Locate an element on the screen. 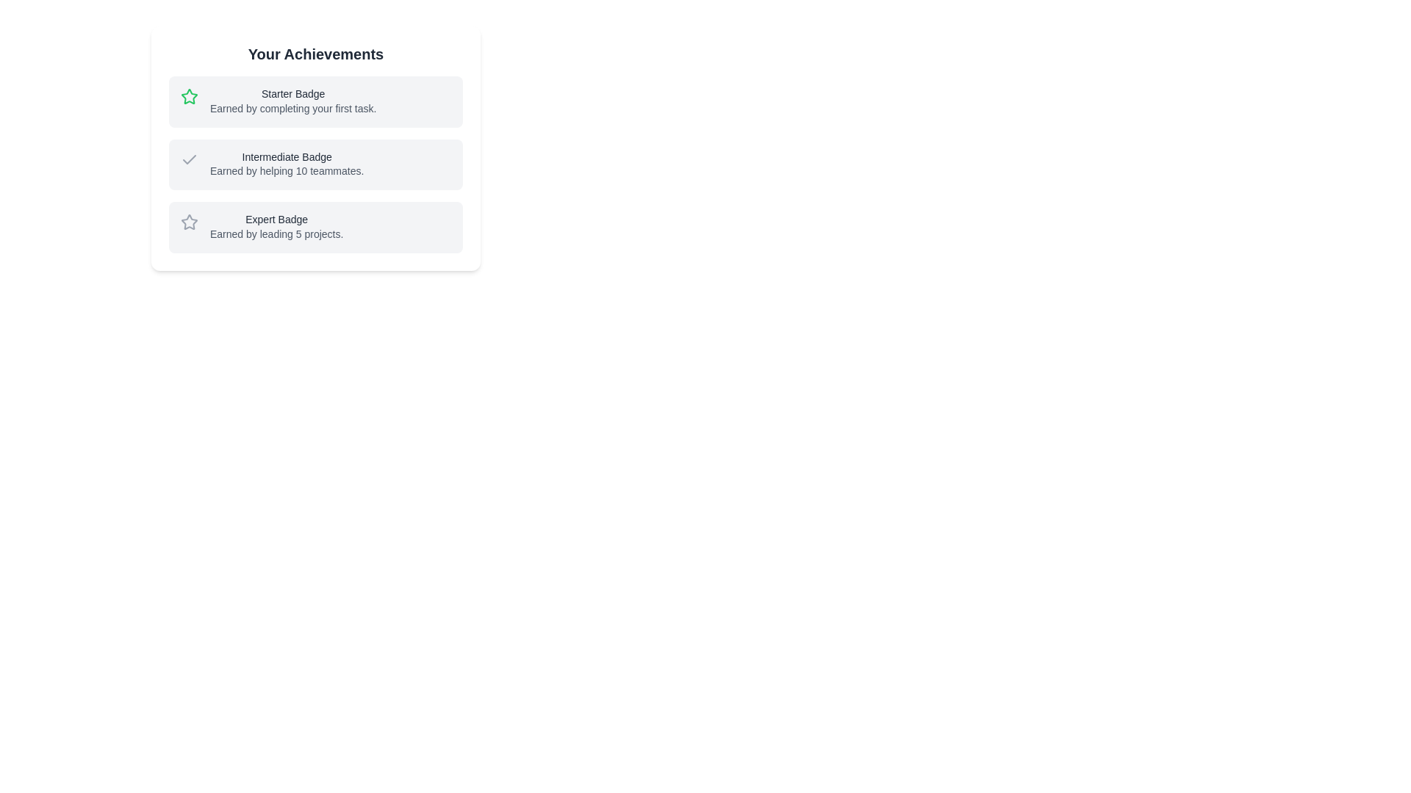 The image size is (1411, 793). the decorative badge icon representing the 'Starter Badge' task located at the top left corner of the 'Starter Badge' card is located at coordinates (189, 96).